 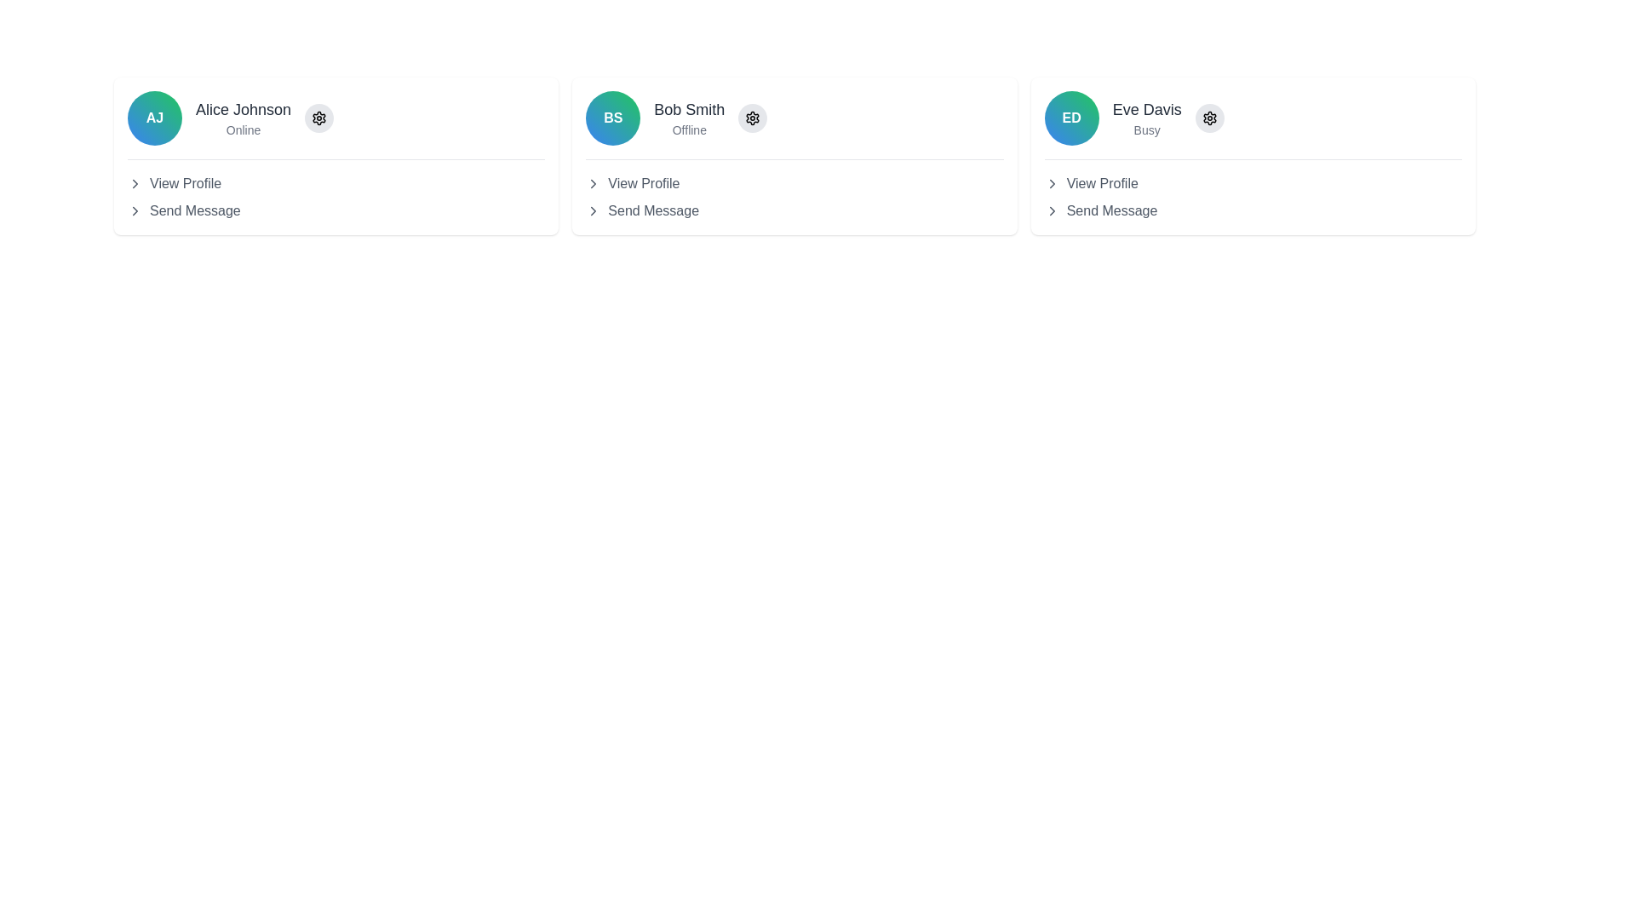 What do you see at coordinates (689, 109) in the screenshot?
I see `the static text display showing 'Bob Smith' in bold, medium-sized font, located above the 'Offline' status within the user information card` at bounding box center [689, 109].